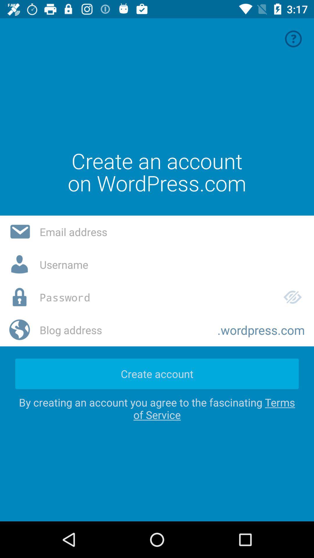 The height and width of the screenshot is (558, 314). What do you see at coordinates (292, 297) in the screenshot?
I see `the icon which is right to the password` at bounding box center [292, 297].